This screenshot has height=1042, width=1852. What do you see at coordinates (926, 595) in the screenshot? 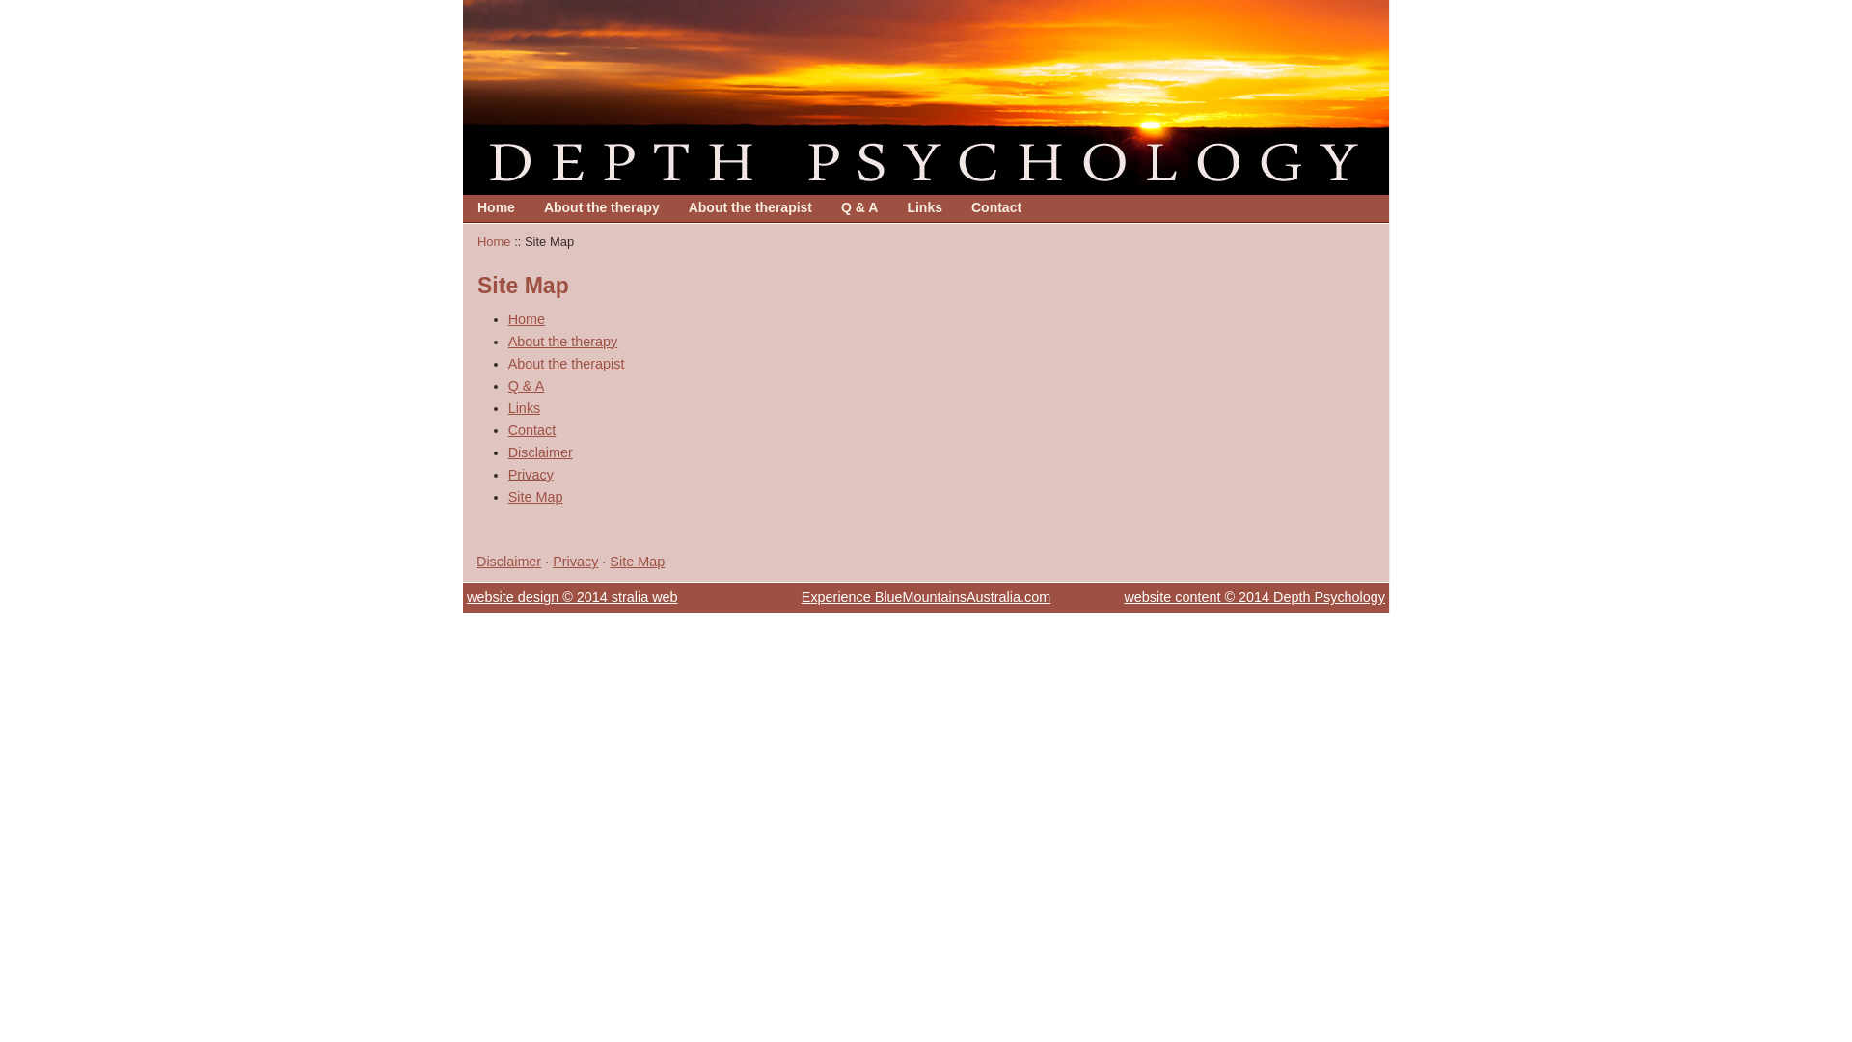
I see `'Experience BlueMountainsAustralia.com'` at bounding box center [926, 595].